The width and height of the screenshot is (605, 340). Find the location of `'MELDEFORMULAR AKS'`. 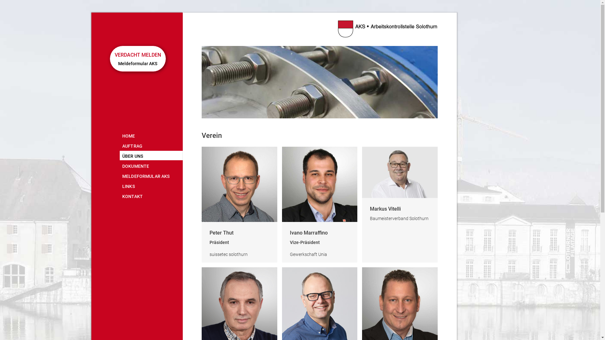

'MELDEFORMULAR AKS' is located at coordinates (151, 176).